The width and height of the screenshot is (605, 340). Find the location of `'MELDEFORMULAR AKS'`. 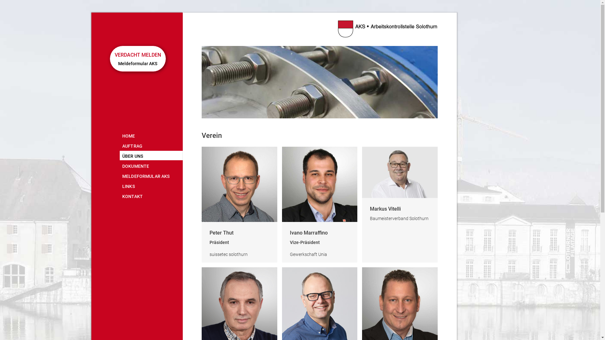

'MELDEFORMULAR AKS' is located at coordinates (151, 176).